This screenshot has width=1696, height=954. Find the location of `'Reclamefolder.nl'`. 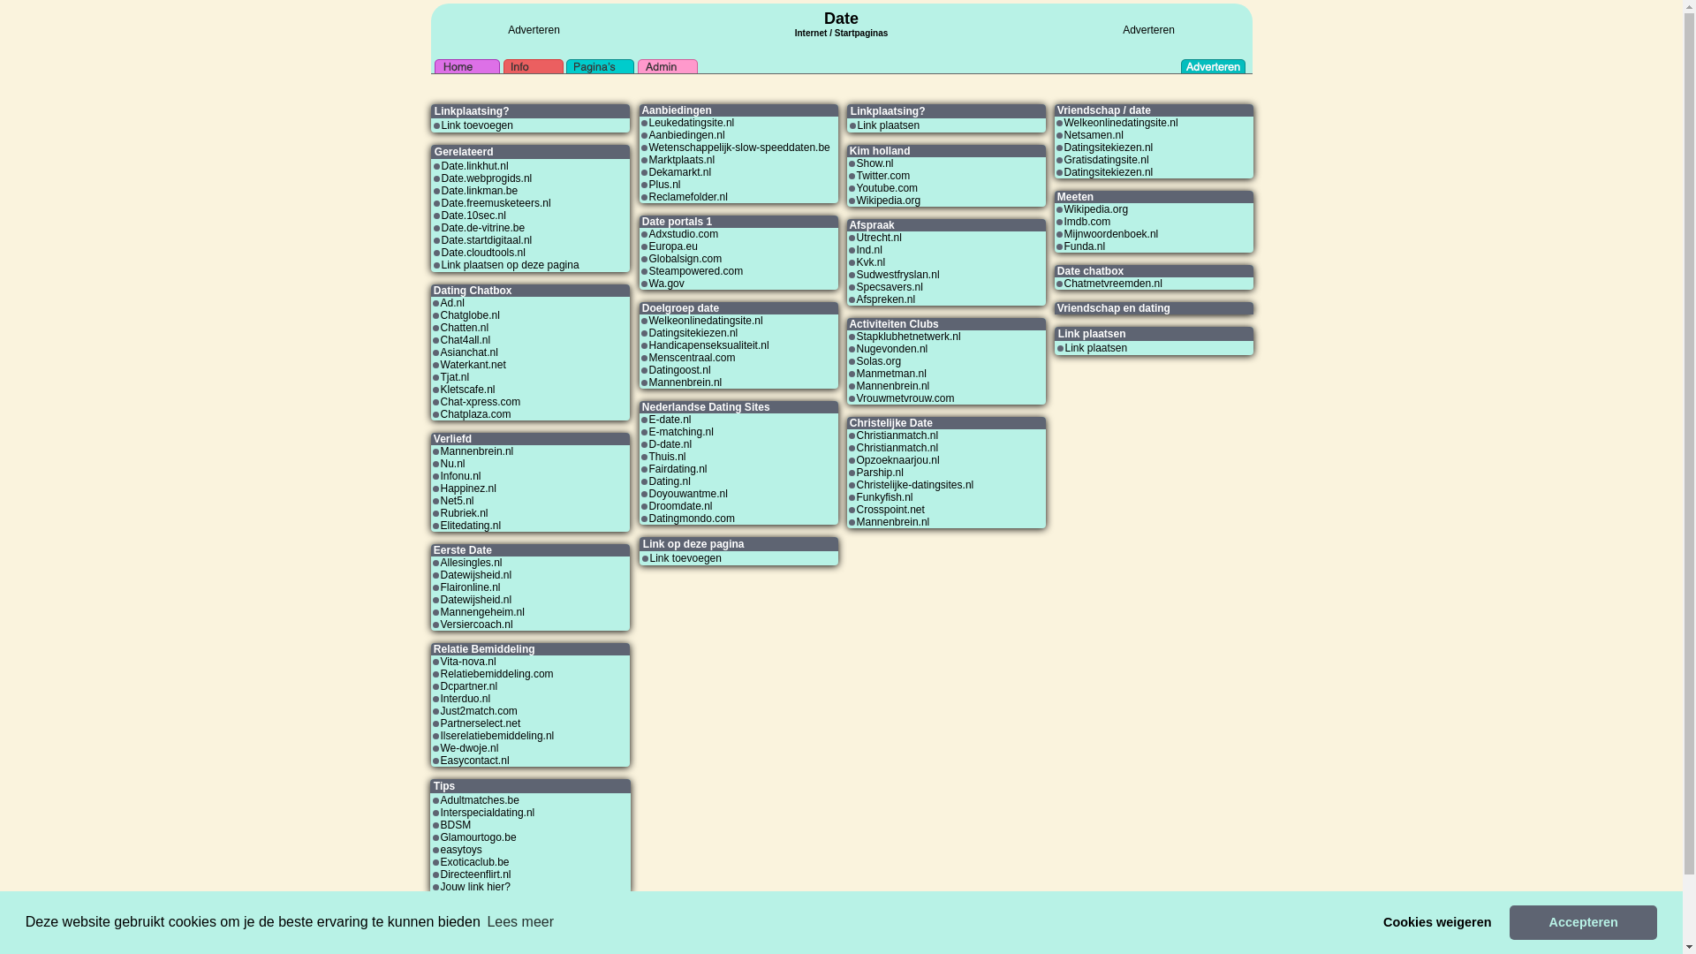

'Reclamefolder.nl' is located at coordinates (686, 197).